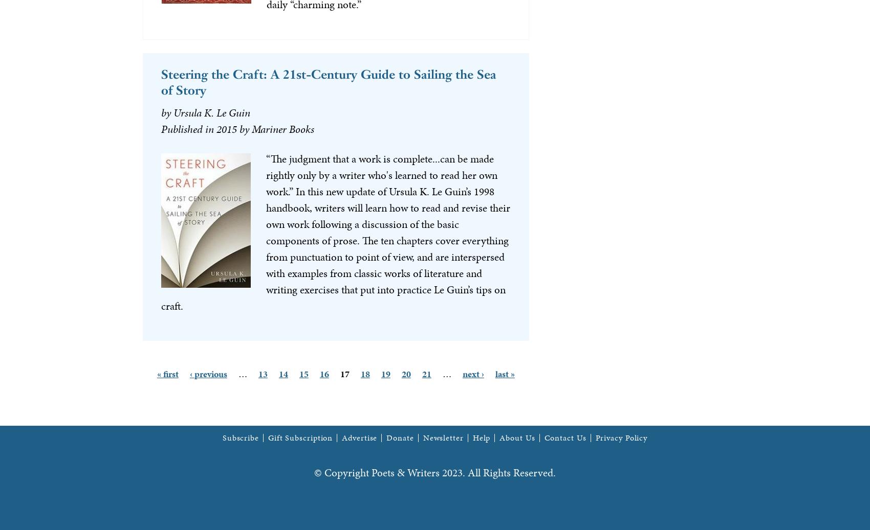 Image resolution: width=870 pixels, height=530 pixels. I want to click on 'Subscribe', so click(222, 437).